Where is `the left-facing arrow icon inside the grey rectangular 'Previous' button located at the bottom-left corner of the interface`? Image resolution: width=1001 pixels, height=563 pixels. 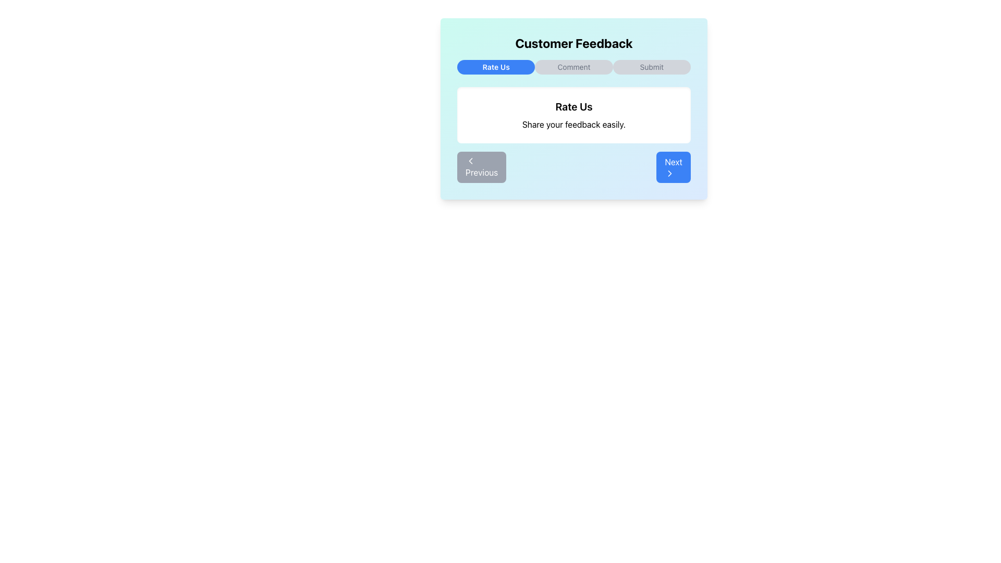 the left-facing arrow icon inside the grey rectangular 'Previous' button located at the bottom-left corner of the interface is located at coordinates (470, 161).